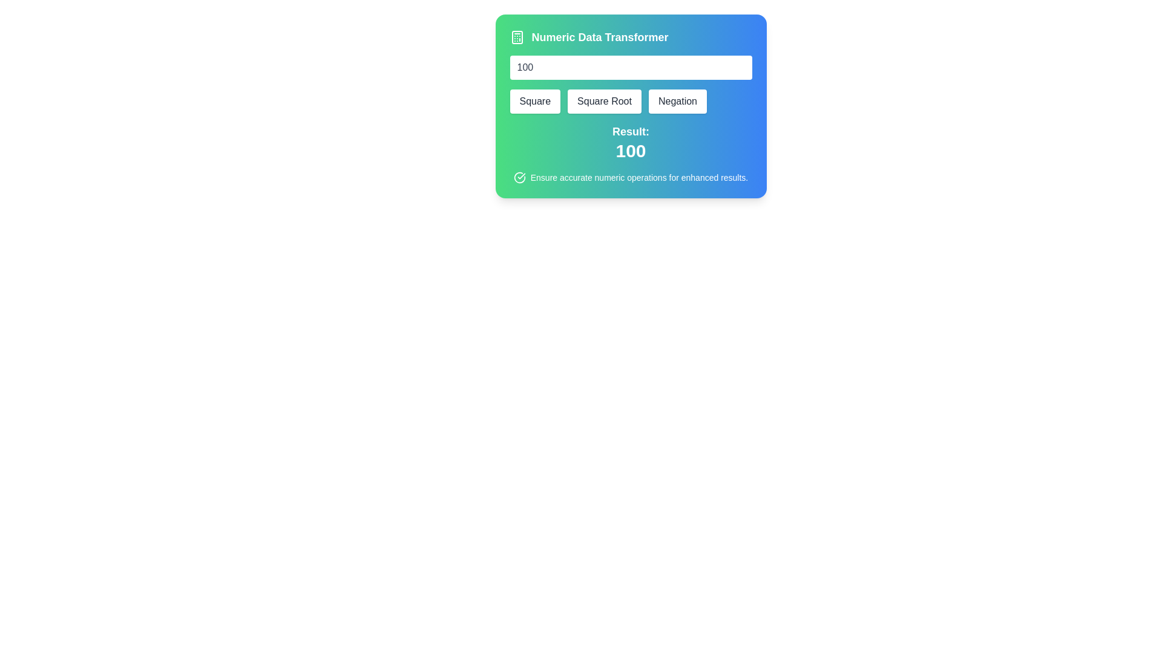 Image resolution: width=1162 pixels, height=653 pixels. Describe the element at coordinates (534, 101) in the screenshot. I see `the 'Square' button, which is a rectangular button with rounded corners and white background` at that location.